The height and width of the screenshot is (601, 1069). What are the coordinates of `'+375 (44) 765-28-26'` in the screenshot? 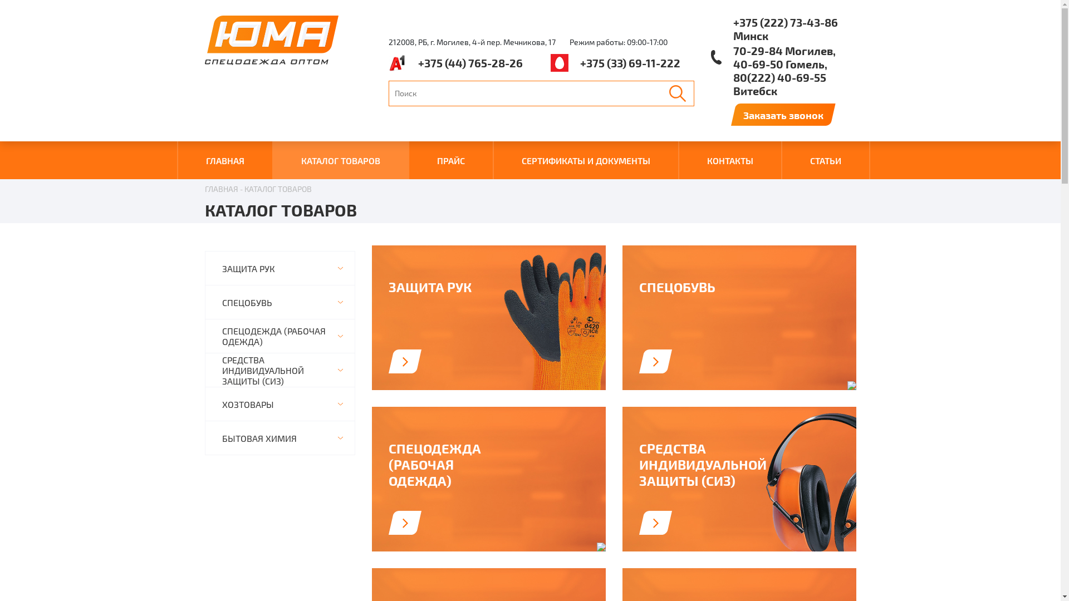 It's located at (455, 62).